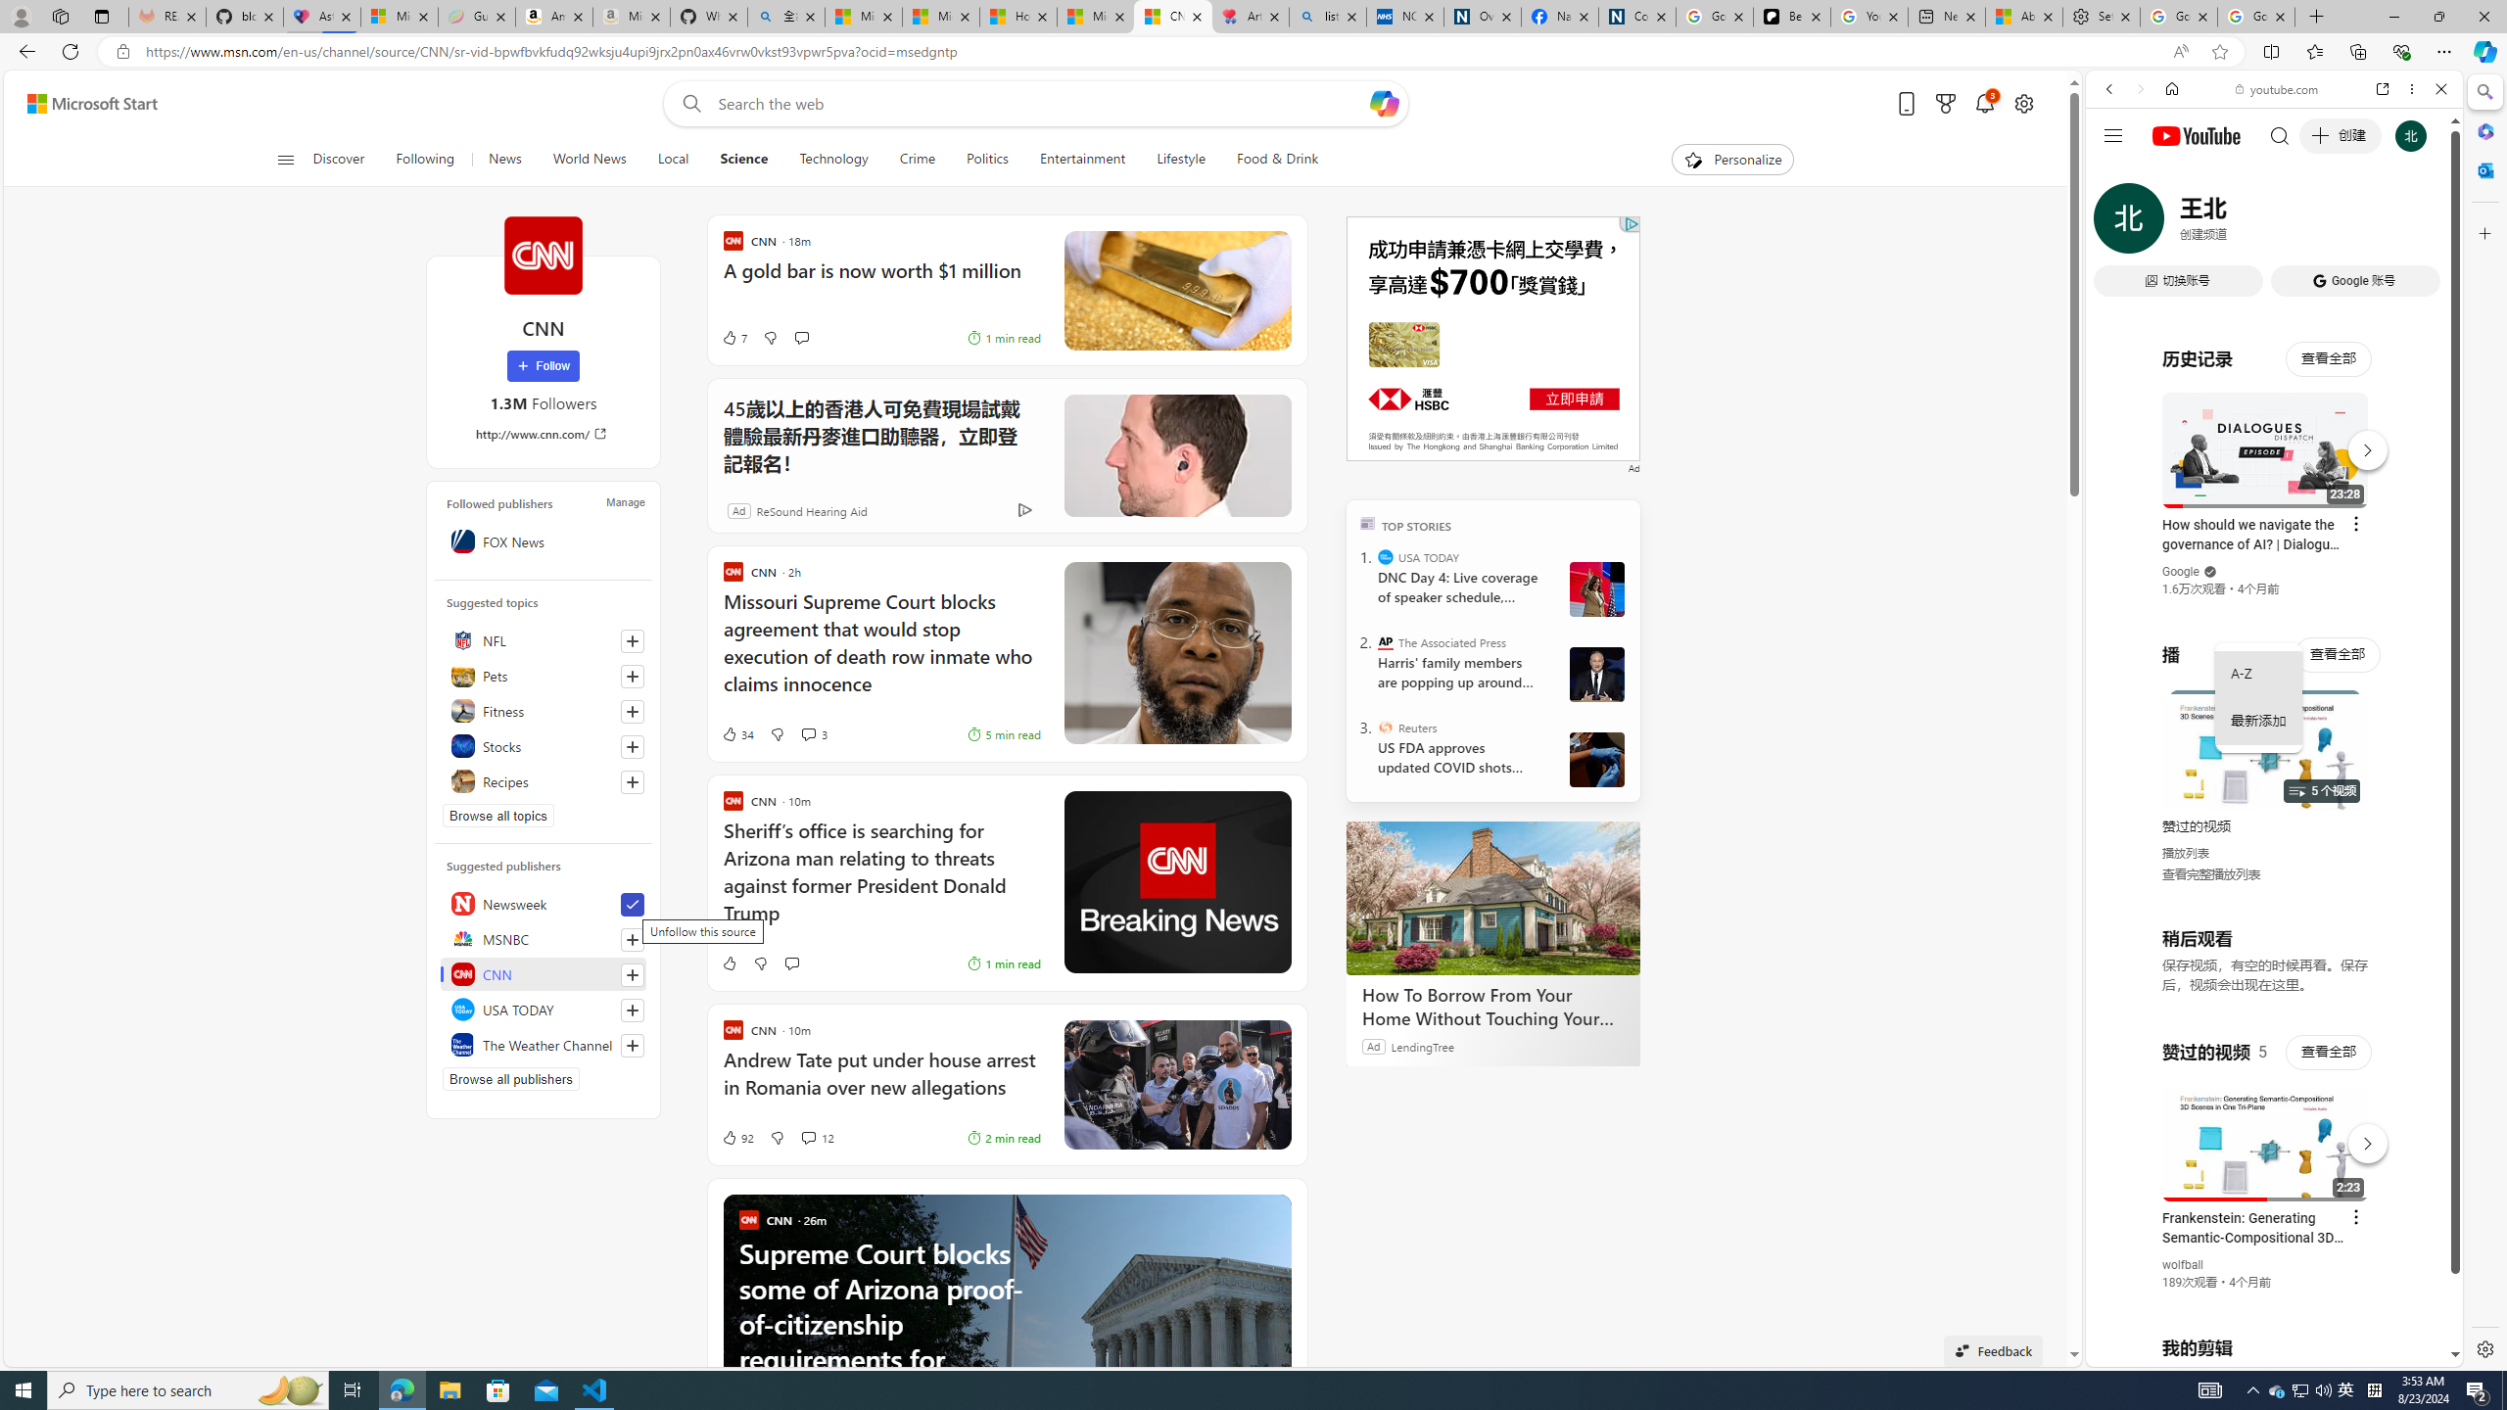 This screenshot has width=2507, height=1410. Describe the element at coordinates (1081, 159) in the screenshot. I see `'Entertainment'` at that location.